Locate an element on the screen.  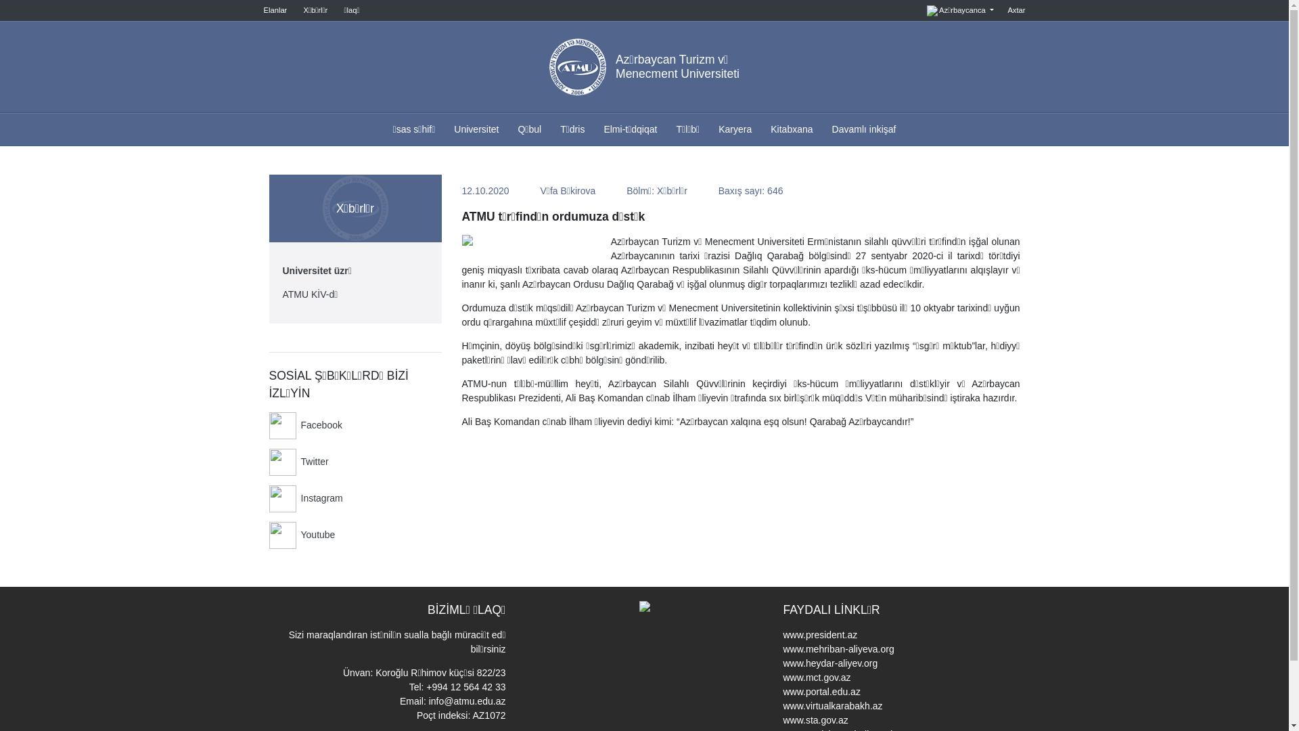
'Universitet' is located at coordinates (476, 129).